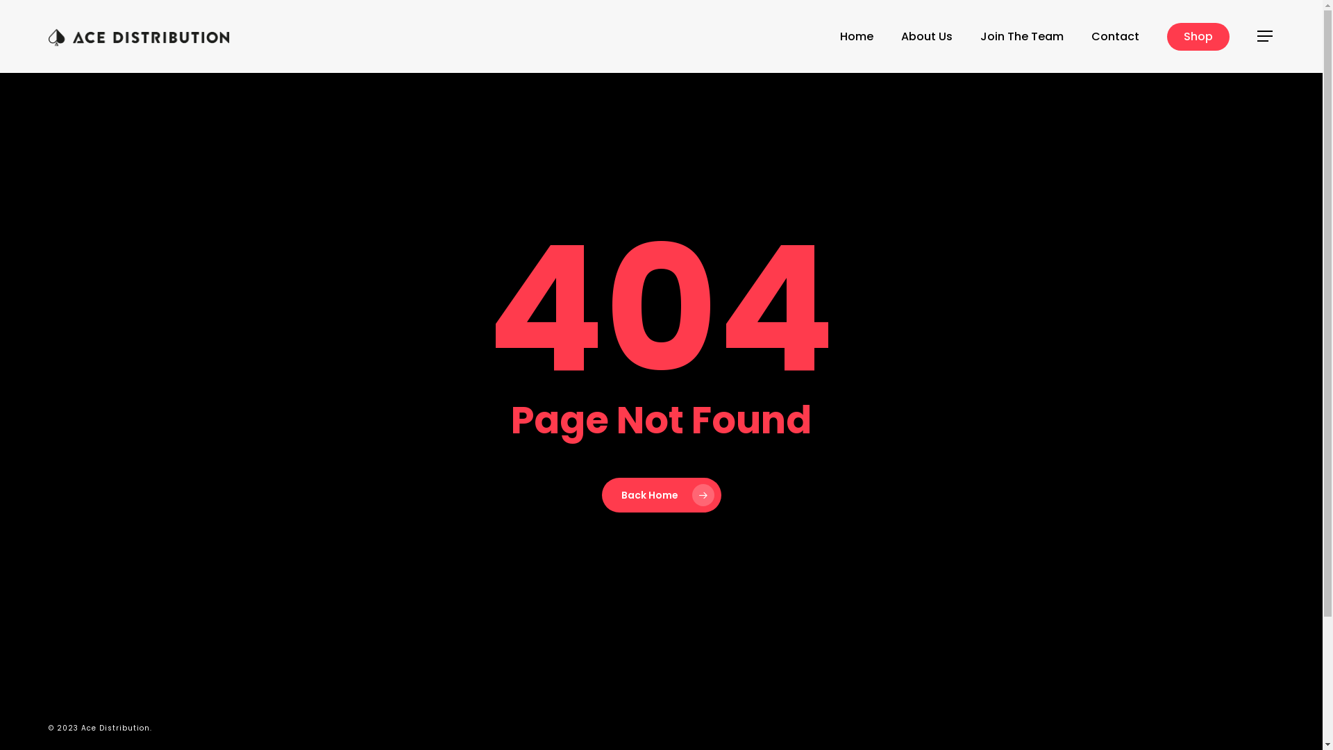 This screenshot has height=750, width=1333. What do you see at coordinates (855, 35) in the screenshot?
I see `'Home'` at bounding box center [855, 35].